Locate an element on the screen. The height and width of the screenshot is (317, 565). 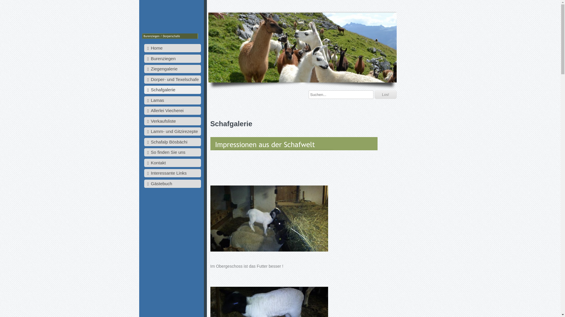
'Kontakt' is located at coordinates (172, 163).